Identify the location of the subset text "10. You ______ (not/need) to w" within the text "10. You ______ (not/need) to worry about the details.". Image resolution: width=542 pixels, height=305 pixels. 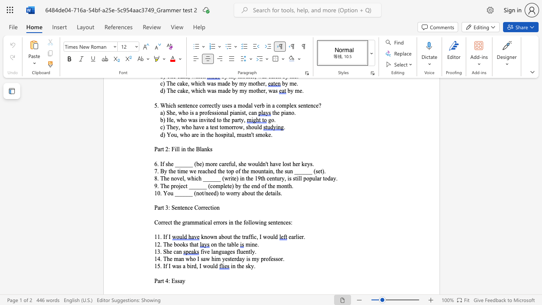
(154, 193).